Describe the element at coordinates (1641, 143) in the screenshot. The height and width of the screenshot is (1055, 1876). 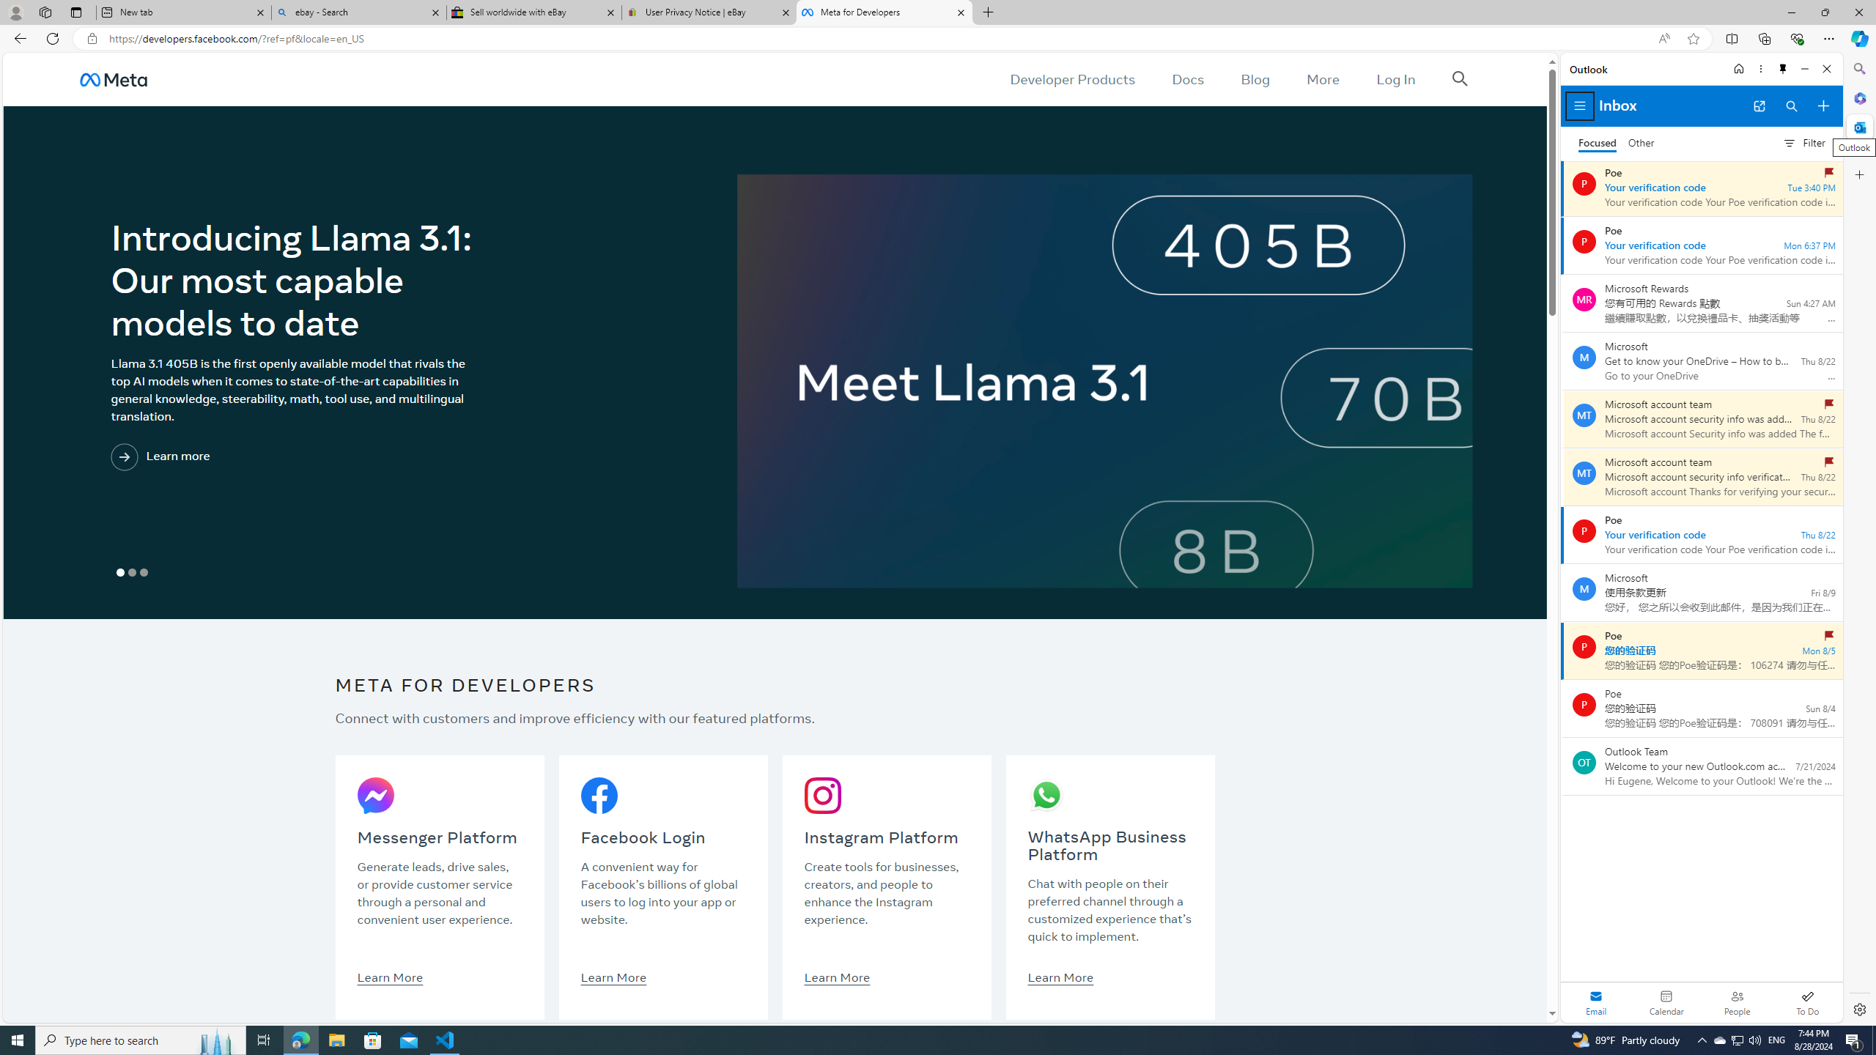
I see `'Other'` at that location.